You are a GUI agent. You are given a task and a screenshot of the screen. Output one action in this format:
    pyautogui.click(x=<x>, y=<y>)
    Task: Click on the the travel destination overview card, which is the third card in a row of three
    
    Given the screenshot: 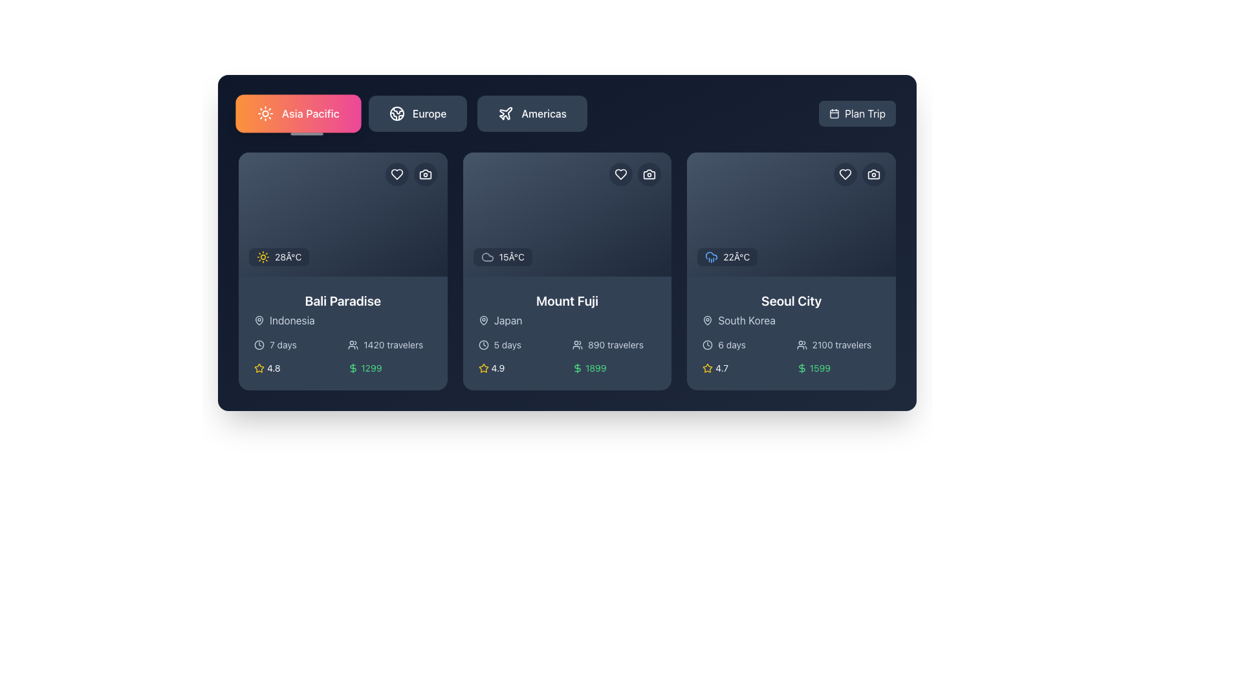 What is the action you would take?
    pyautogui.click(x=790, y=271)
    